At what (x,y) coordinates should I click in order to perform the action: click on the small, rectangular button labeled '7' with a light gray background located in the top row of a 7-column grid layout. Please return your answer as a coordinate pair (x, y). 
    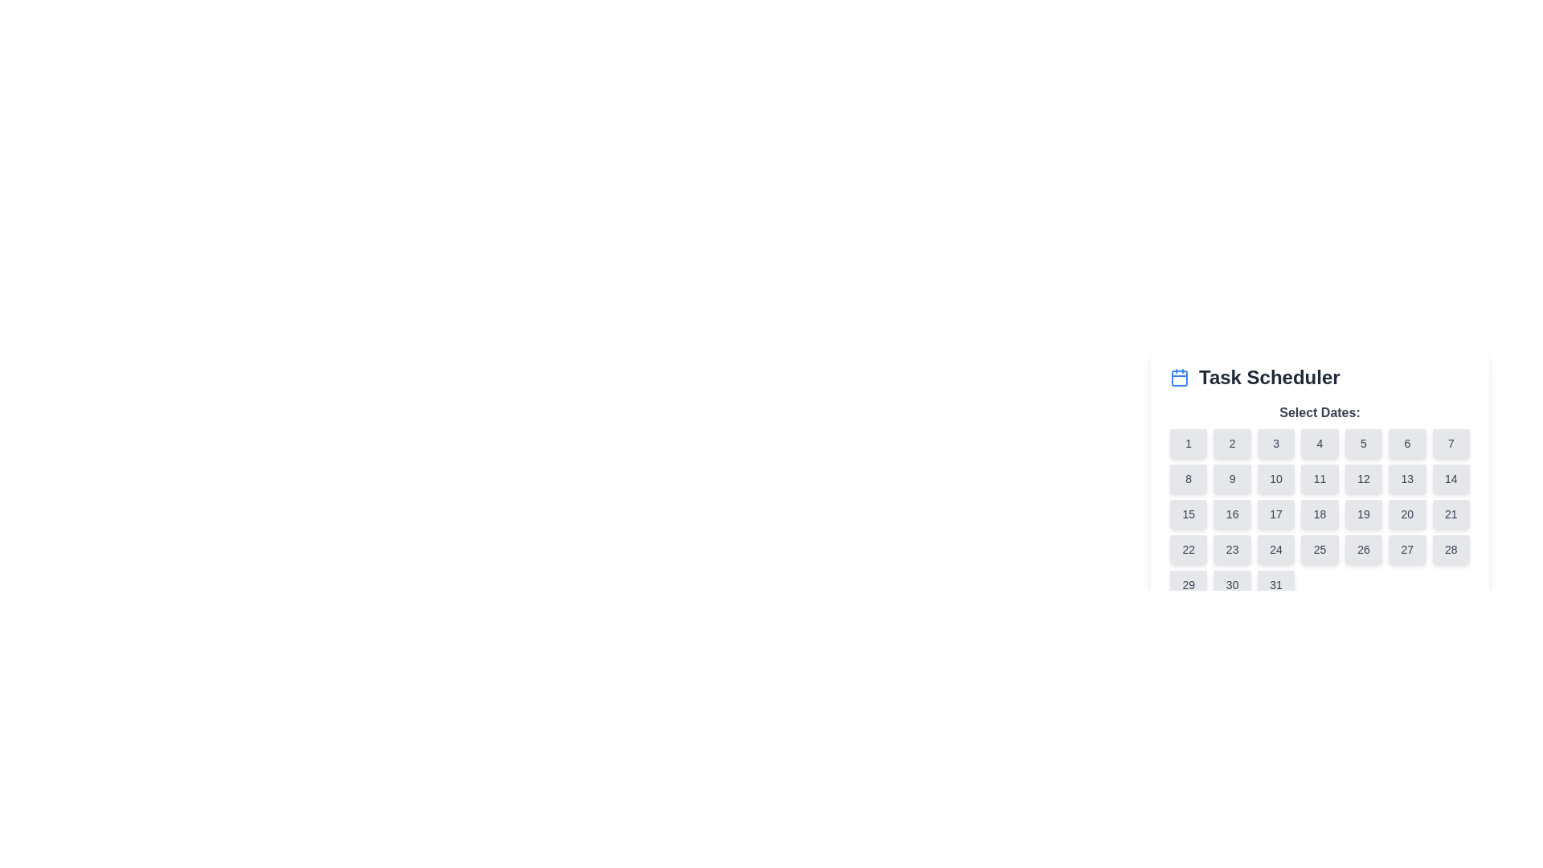
    Looking at the image, I should click on (1451, 443).